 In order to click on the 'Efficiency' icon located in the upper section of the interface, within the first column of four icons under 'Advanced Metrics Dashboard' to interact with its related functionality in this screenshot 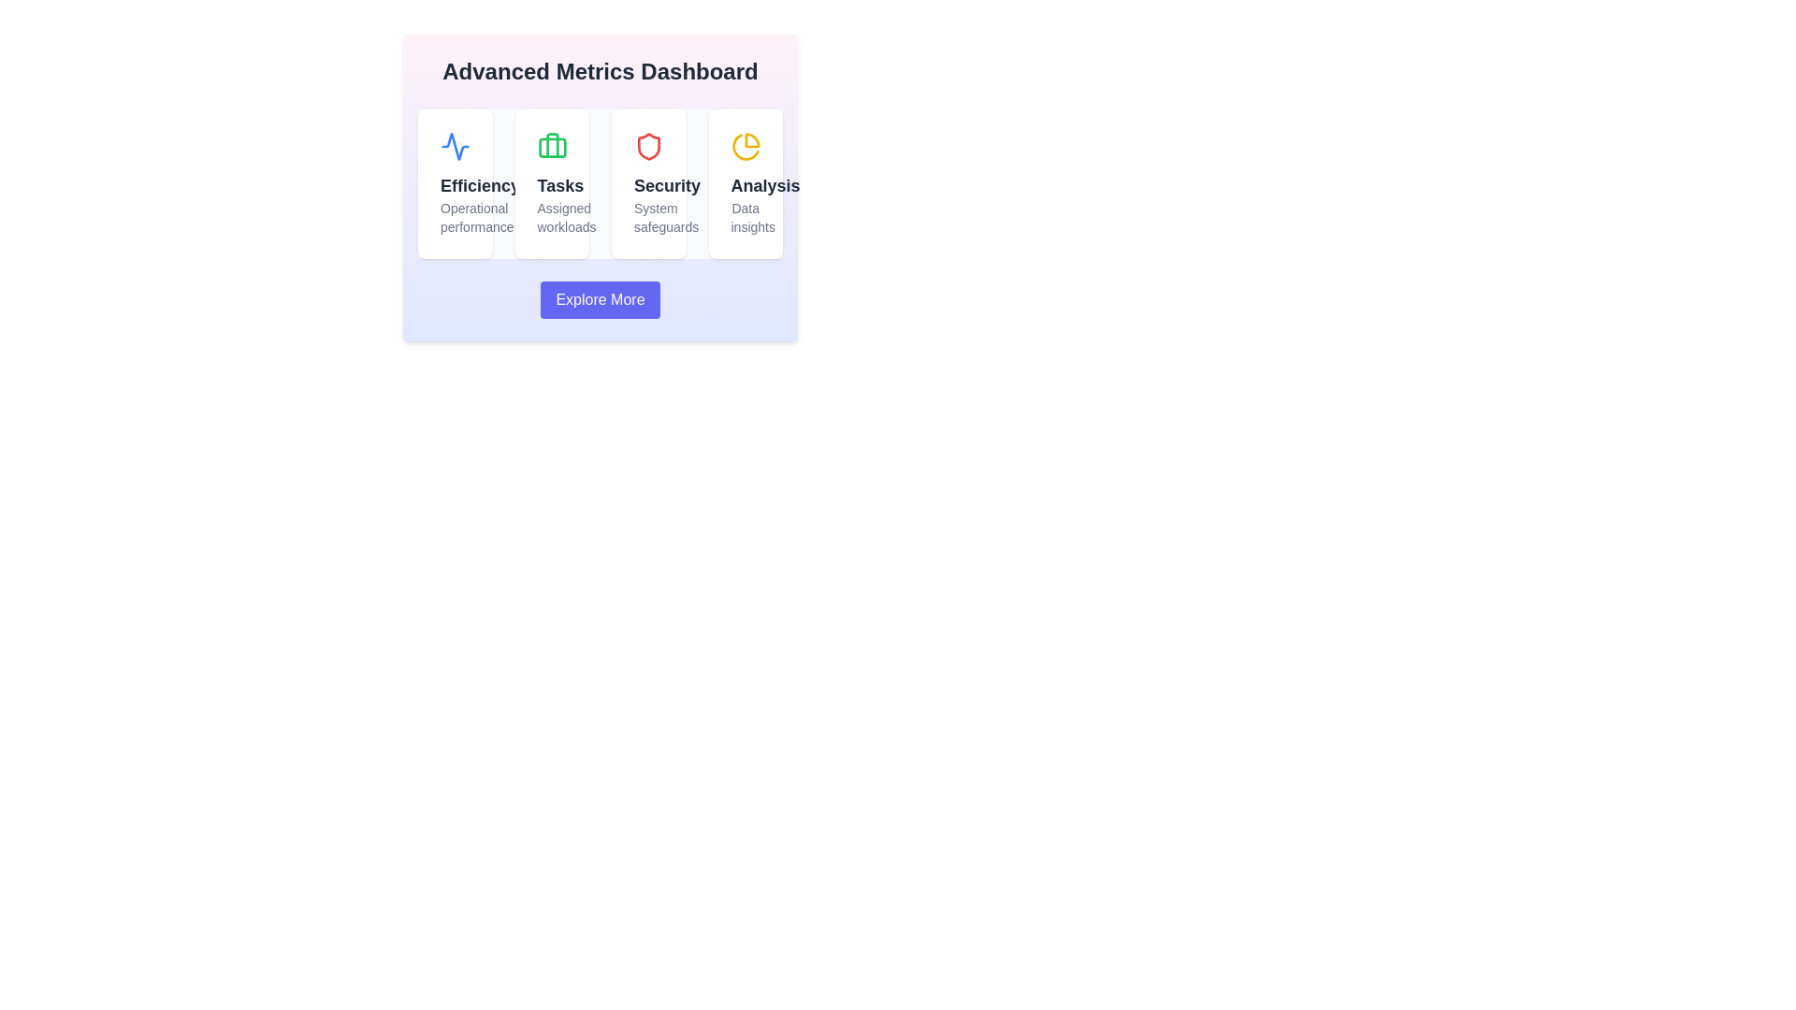, I will do `click(455, 146)`.